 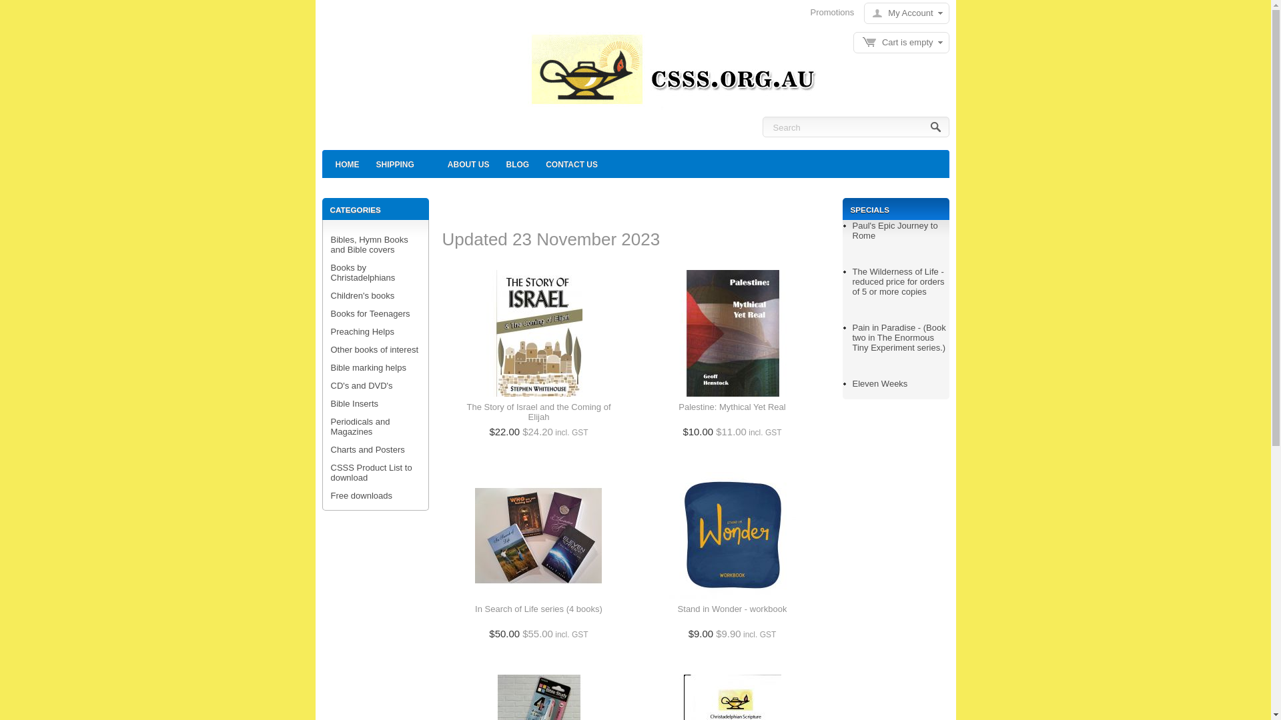 What do you see at coordinates (468, 163) in the screenshot?
I see `'ABOUT US'` at bounding box center [468, 163].